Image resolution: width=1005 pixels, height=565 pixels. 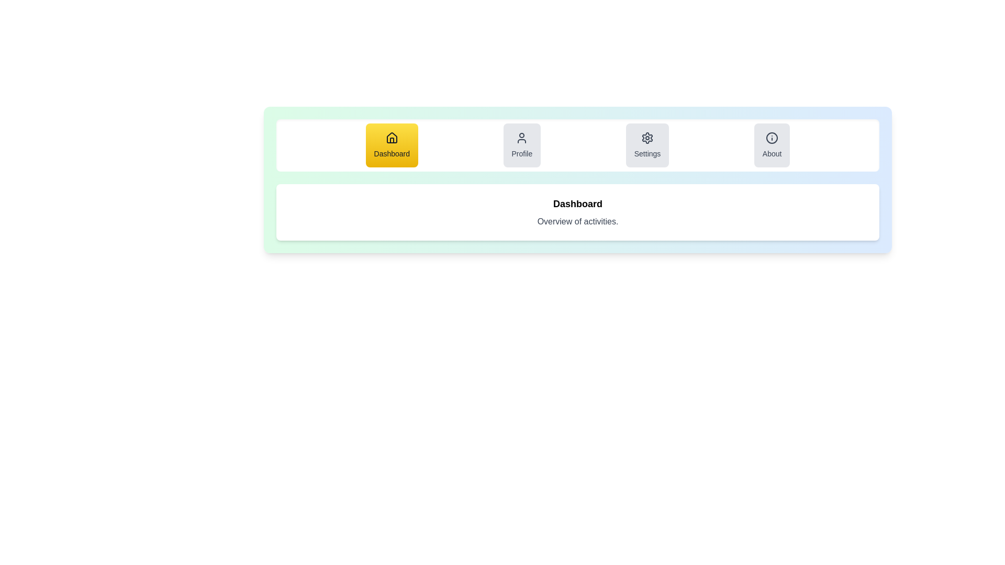 What do you see at coordinates (647, 145) in the screenshot?
I see `the tab button corresponding to Settings` at bounding box center [647, 145].